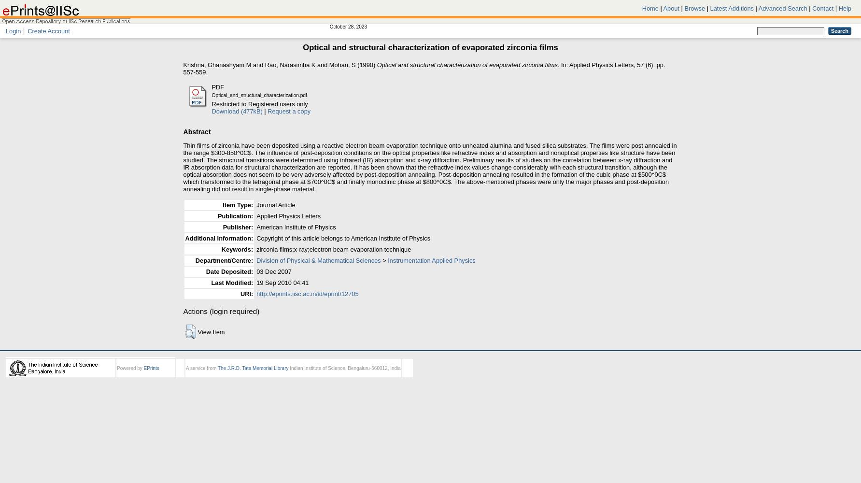 The image size is (861, 483). I want to click on 'URI:', so click(246, 293).